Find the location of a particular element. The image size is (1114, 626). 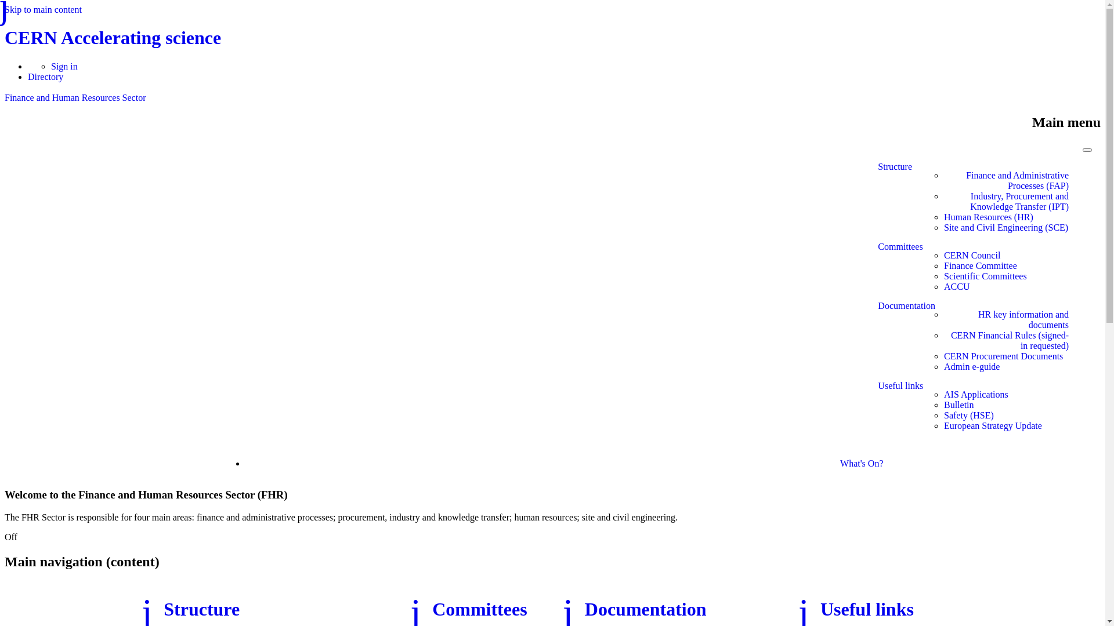

'Bulletin' is located at coordinates (959, 404).